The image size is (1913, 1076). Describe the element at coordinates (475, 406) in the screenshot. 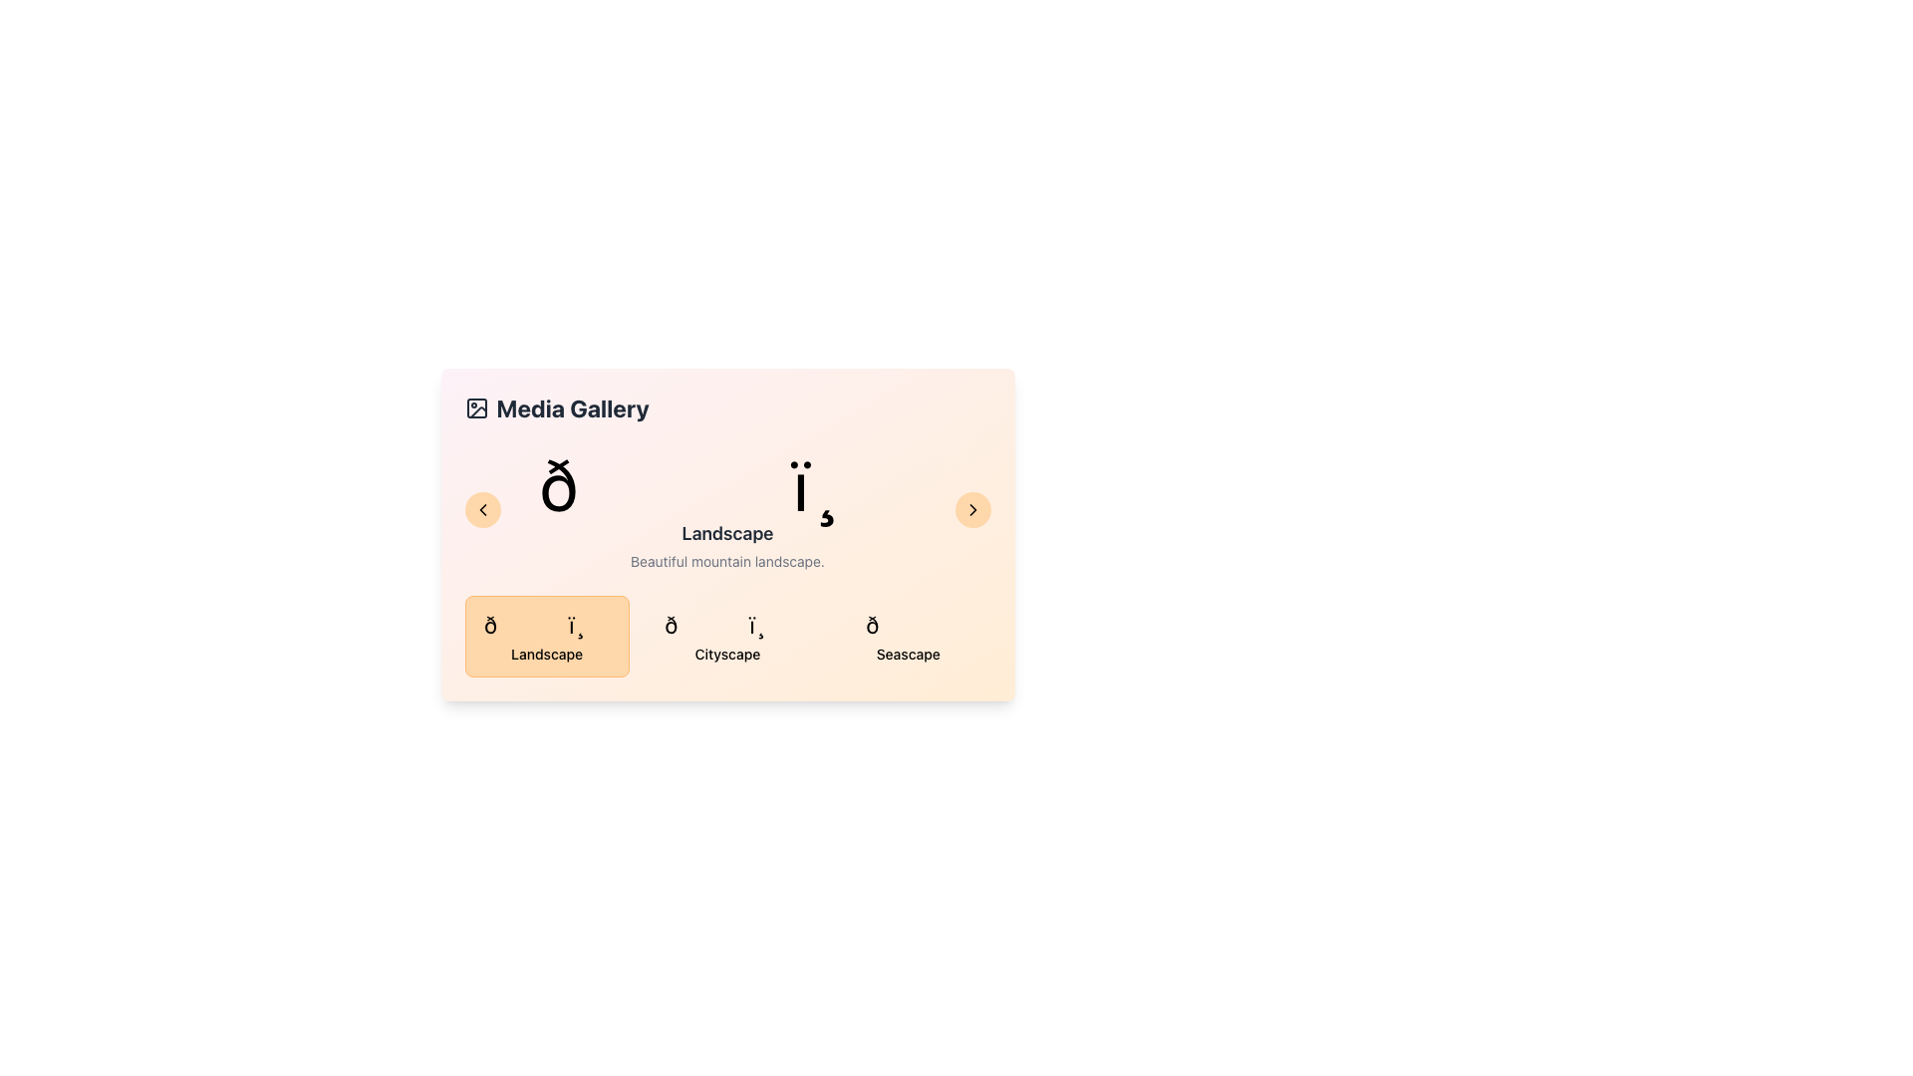

I see `the media gallery icon located to the left of the 'Media Gallery' label in the header section` at that location.